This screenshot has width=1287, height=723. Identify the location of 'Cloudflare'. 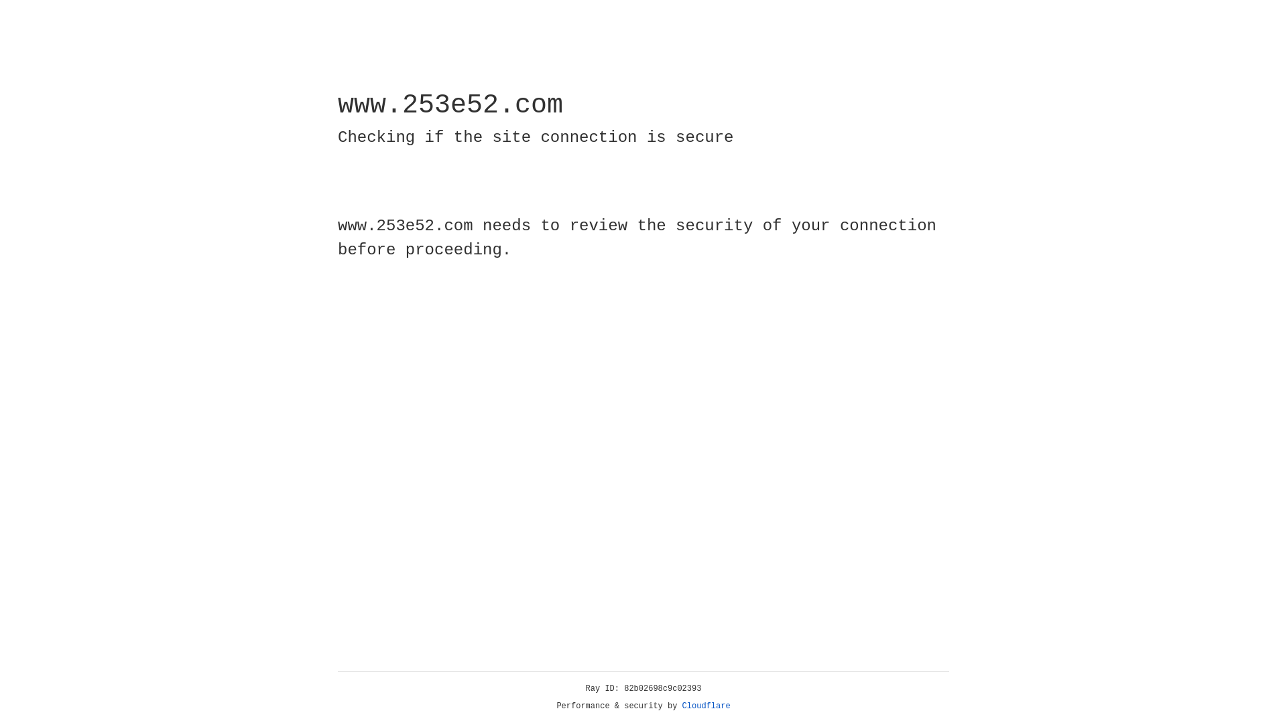
(706, 706).